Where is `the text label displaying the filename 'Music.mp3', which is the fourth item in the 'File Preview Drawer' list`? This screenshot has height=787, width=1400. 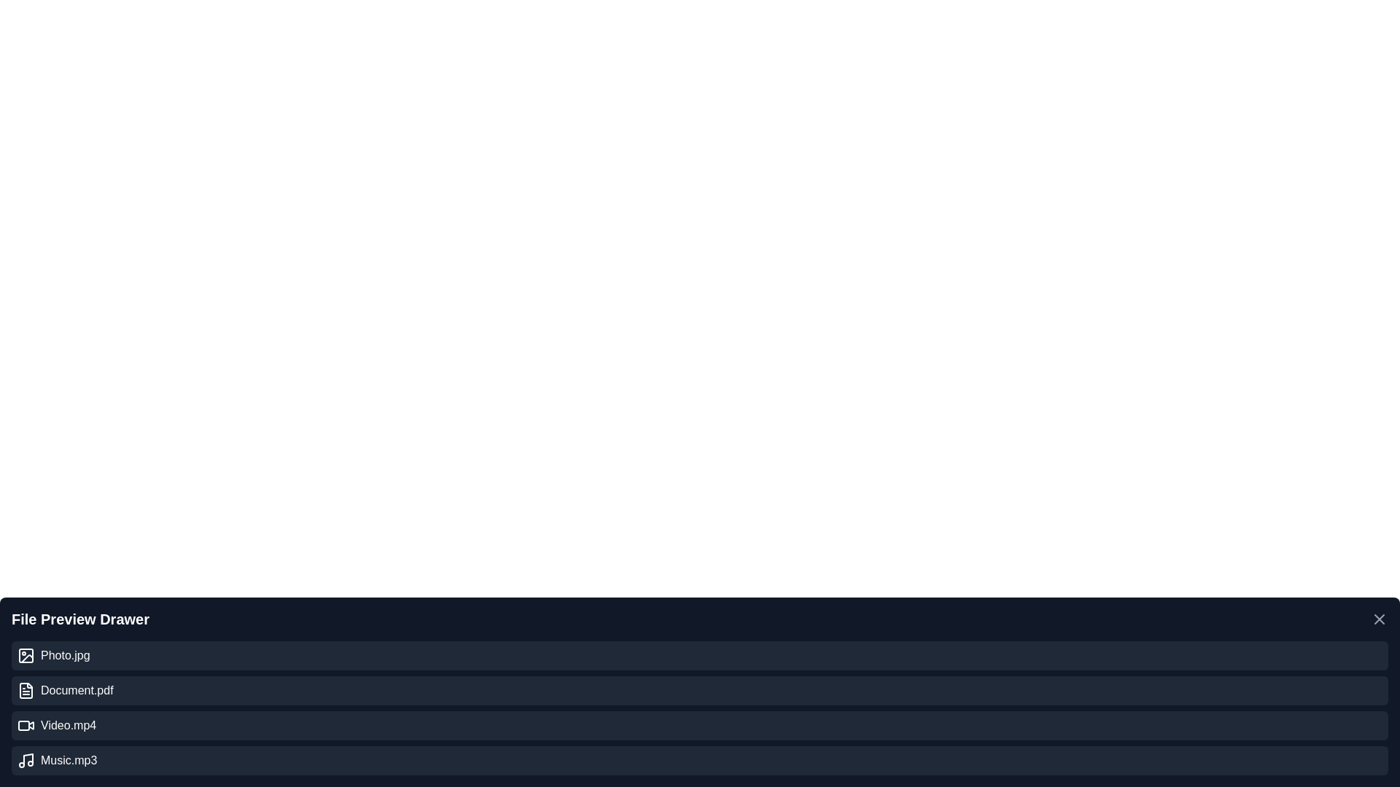
the text label displaying the filename 'Music.mp3', which is the fourth item in the 'File Preview Drawer' list is located at coordinates (68, 760).